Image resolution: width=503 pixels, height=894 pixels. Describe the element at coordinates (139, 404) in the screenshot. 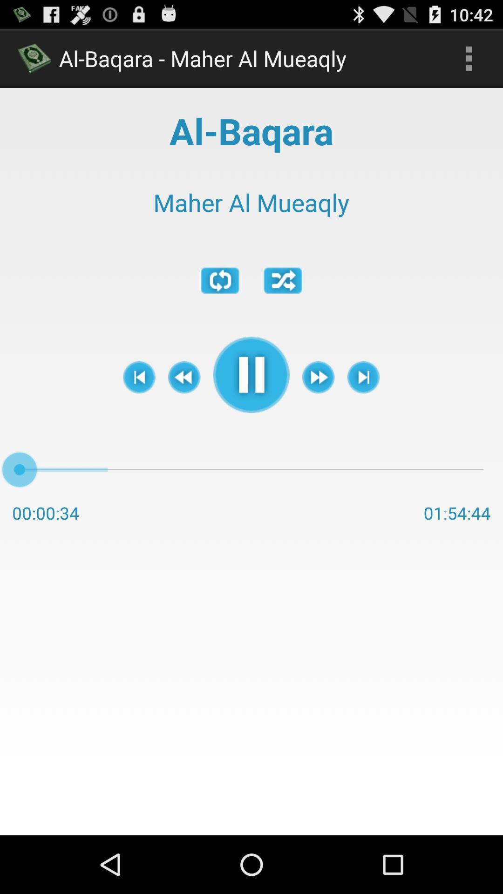

I see `the skip_previous icon` at that location.